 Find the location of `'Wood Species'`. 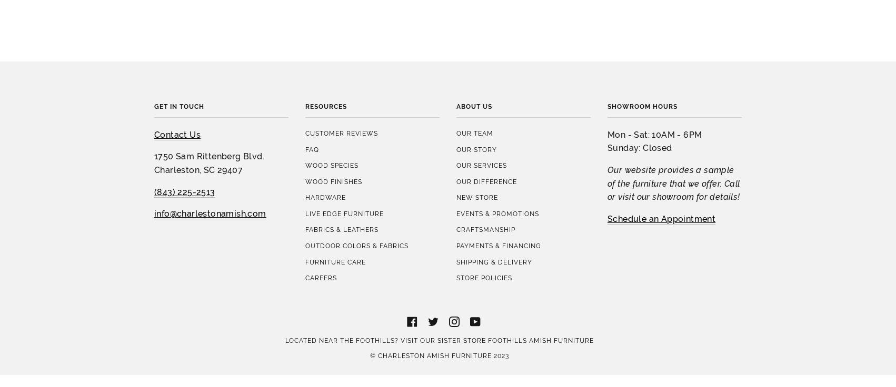

'Wood Species' is located at coordinates (332, 72).